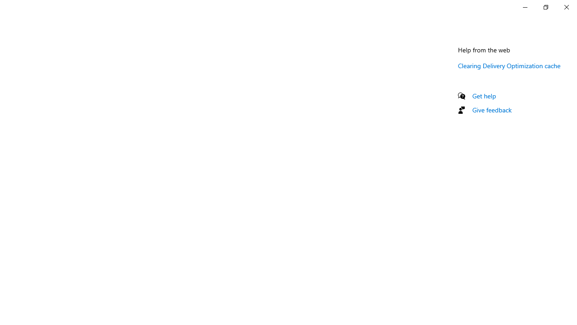  What do you see at coordinates (491, 109) in the screenshot?
I see `'Give feedback'` at bounding box center [491, 109].